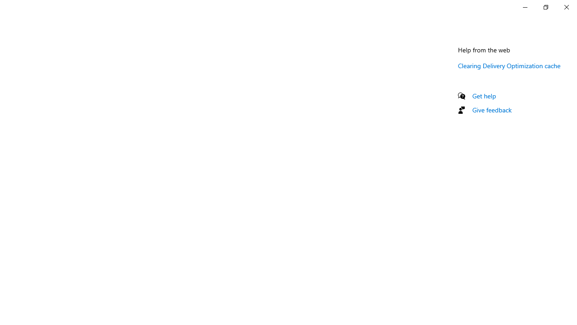  What do you see at coordinates (491, 109) in the screenshot?
I see `'Give feedback'` at bounding box center [491, 109].